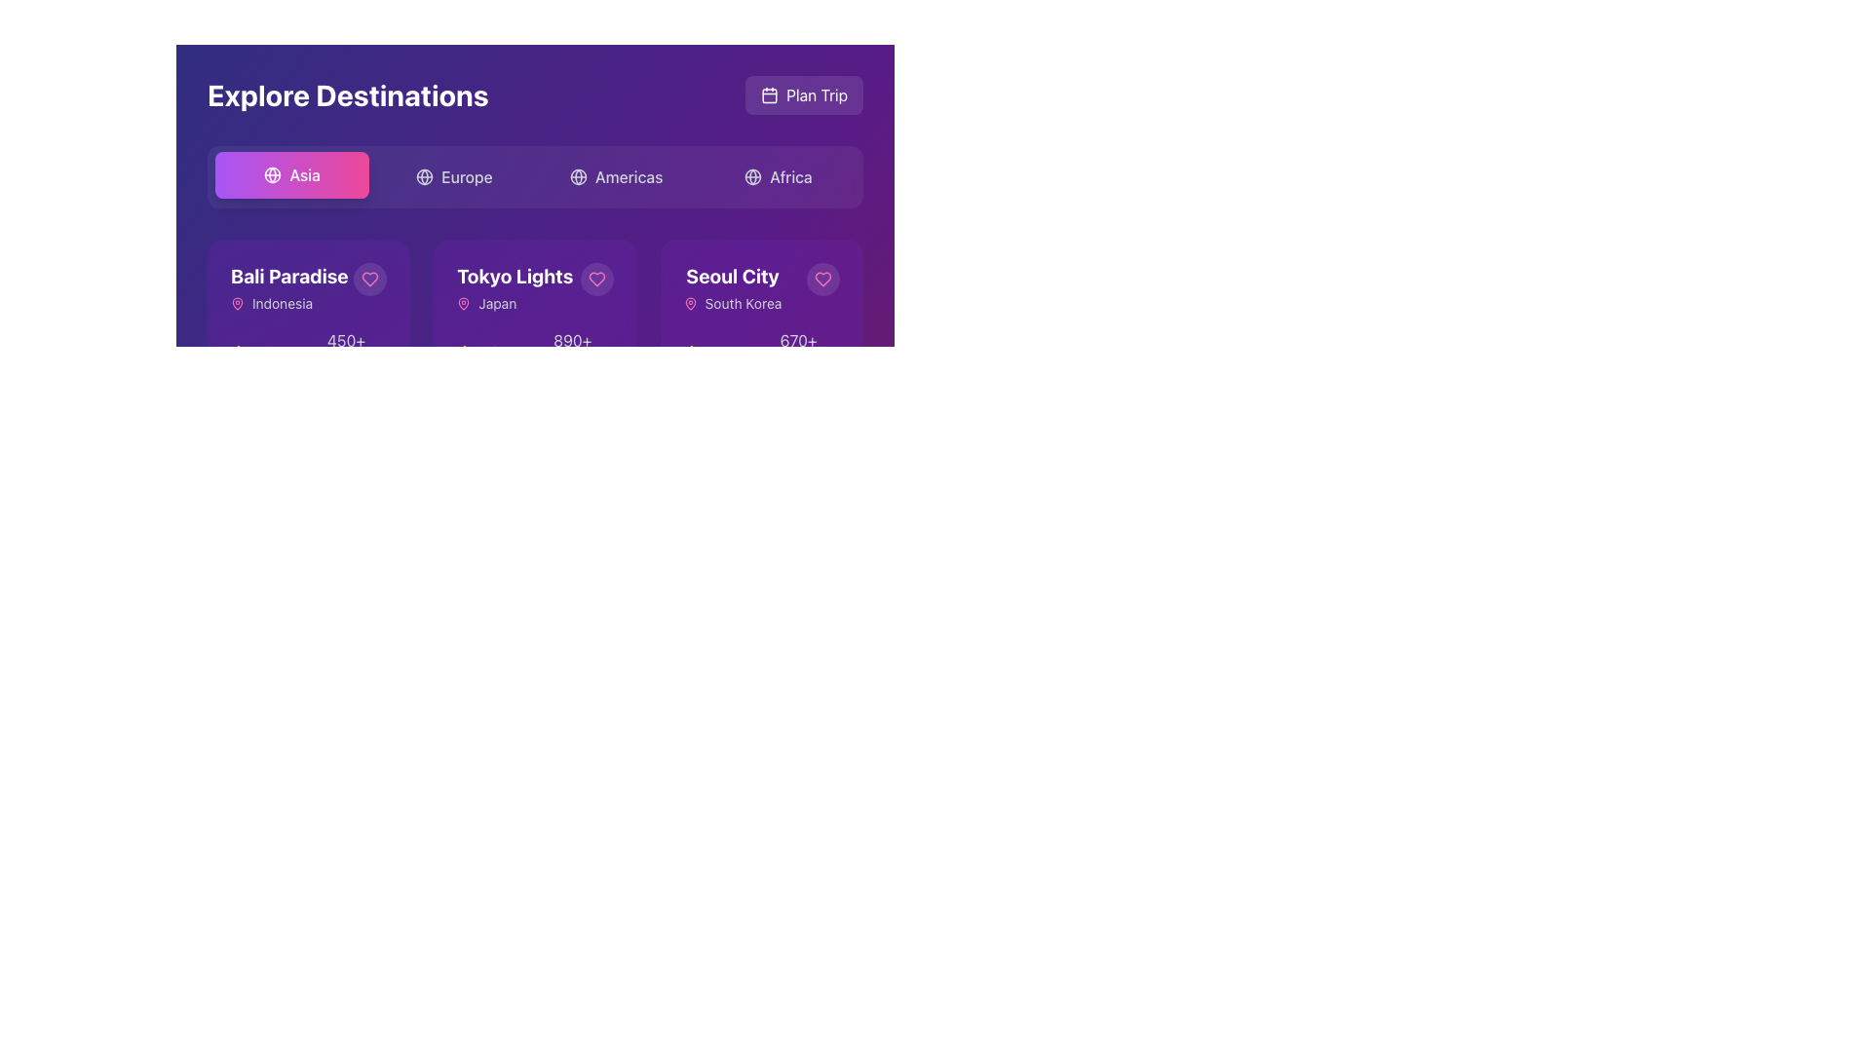  I want to click on text label displaying 'South Korea' associated with the 'Seoul City' card located at the bottom-left section of the card, so click(743, 304).